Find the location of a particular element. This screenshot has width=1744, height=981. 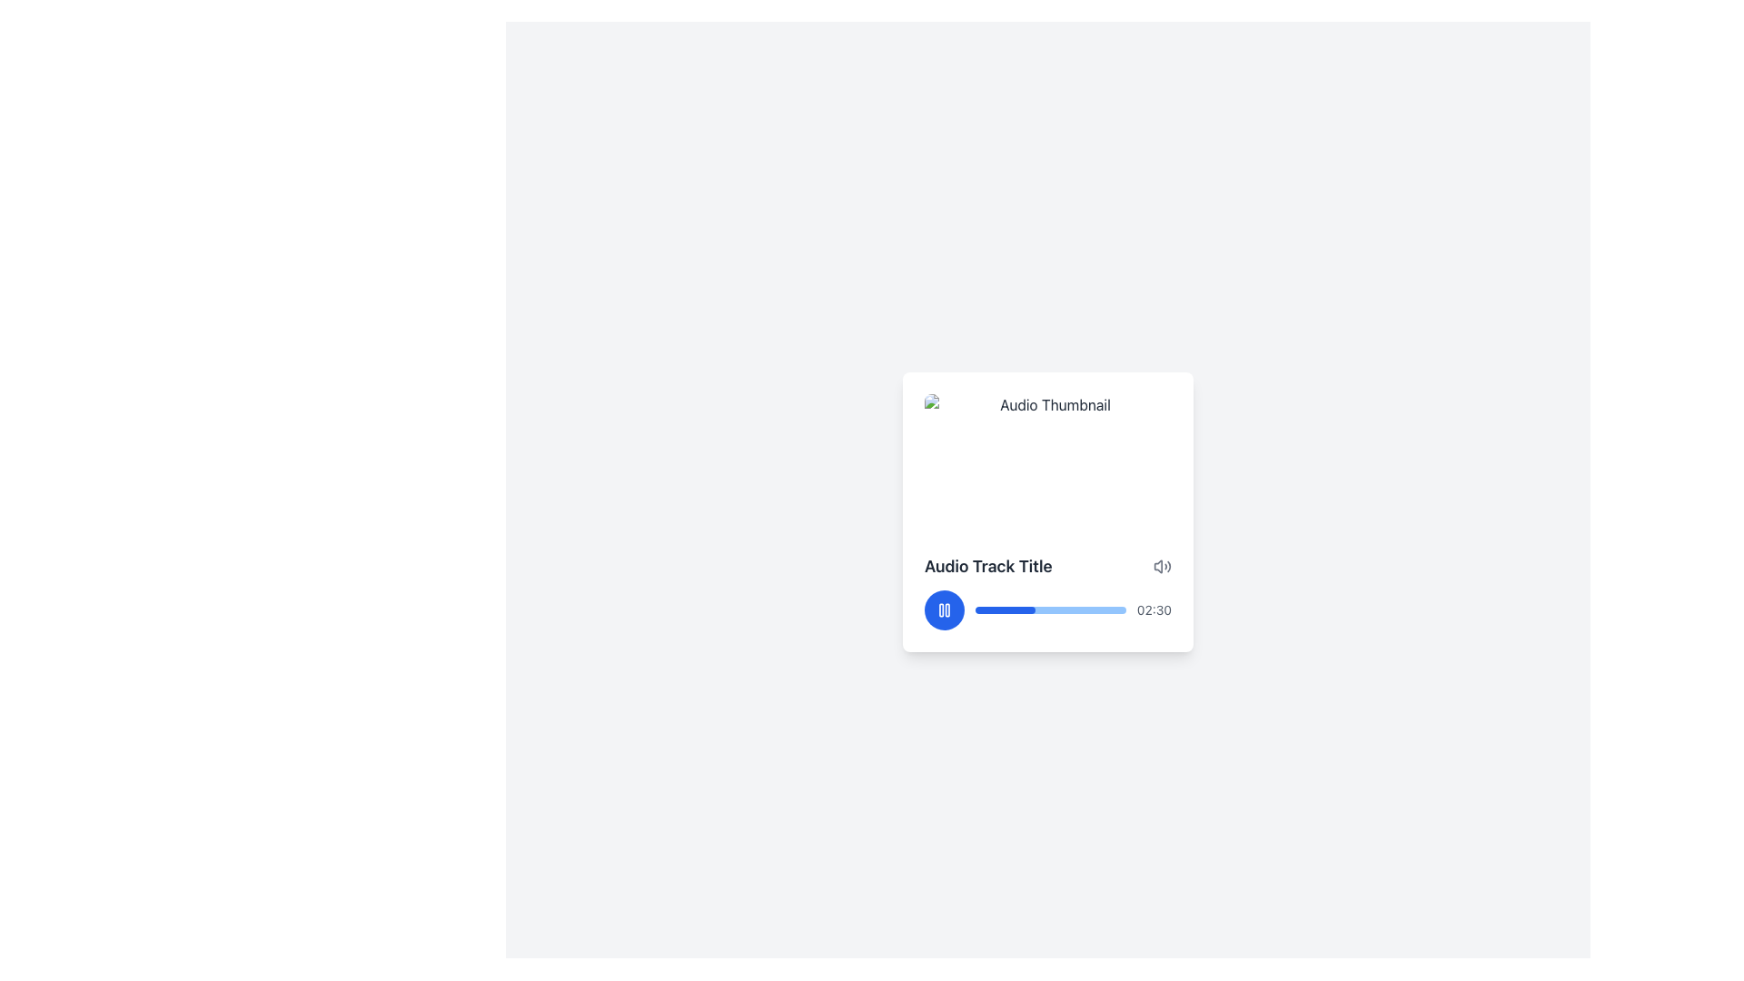

the Text Label that indicates audio track duration or playback time, located at the far-right end below the audio track title, adjacent to the progress bar is located at coordinates (1153, 609).